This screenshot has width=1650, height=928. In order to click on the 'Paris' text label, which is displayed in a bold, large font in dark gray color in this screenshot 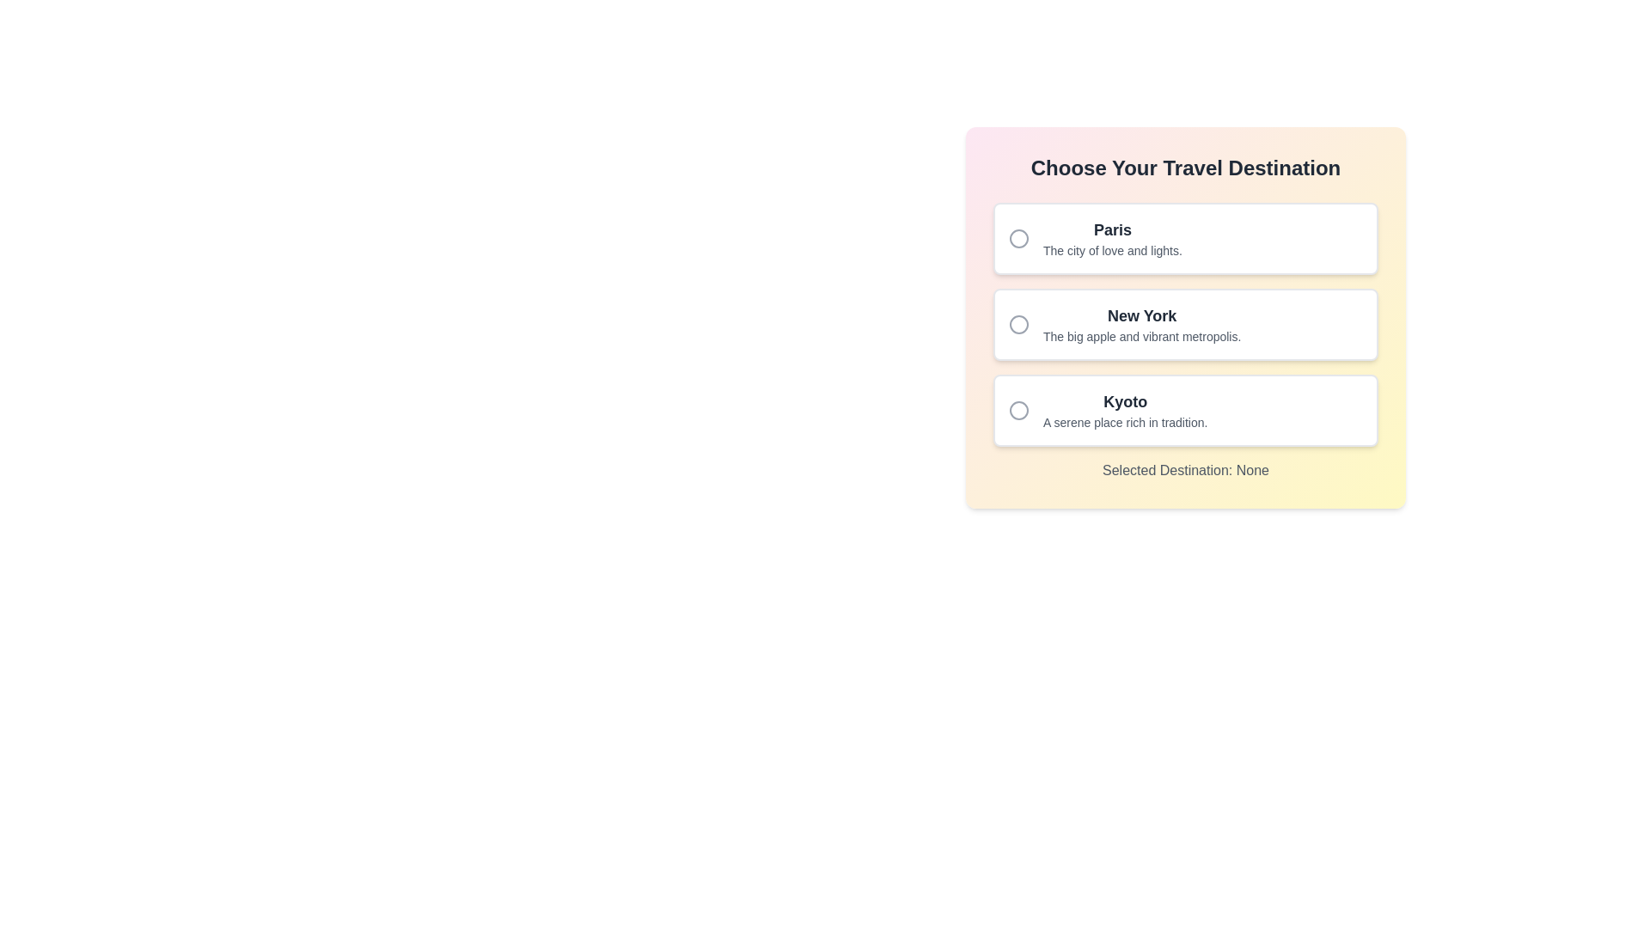, I will do `click(1112, 229)`.